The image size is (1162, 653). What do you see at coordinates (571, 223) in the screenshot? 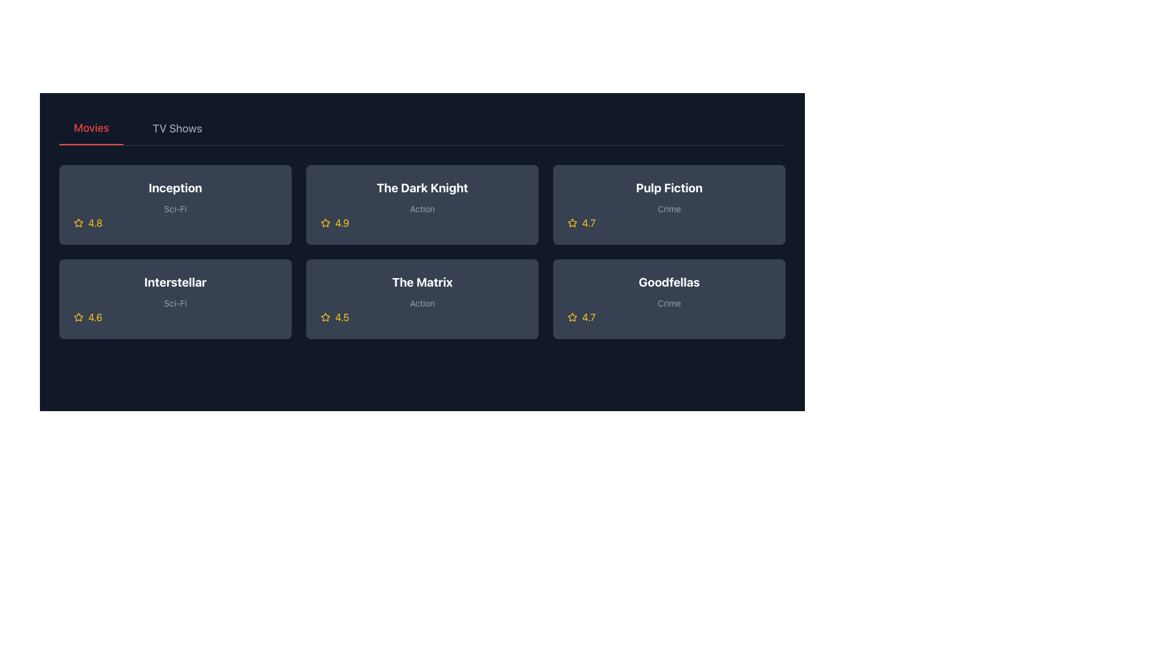
I see `the yellow outlined star icon located in the bottom-left corner of the 'Pulp Fiction' card to interact with the rating` at bounding box center [571, 223].